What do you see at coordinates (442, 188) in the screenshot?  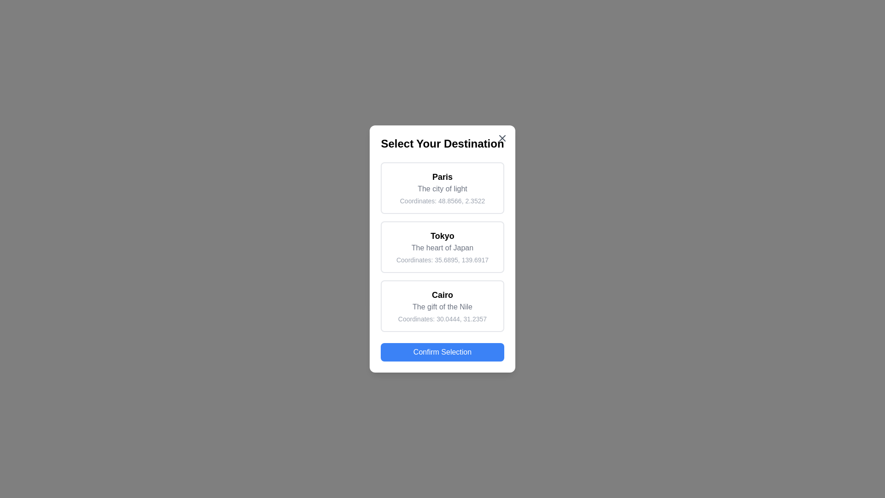 I see `the destination card for Paris` at bounding box center [442, 188].